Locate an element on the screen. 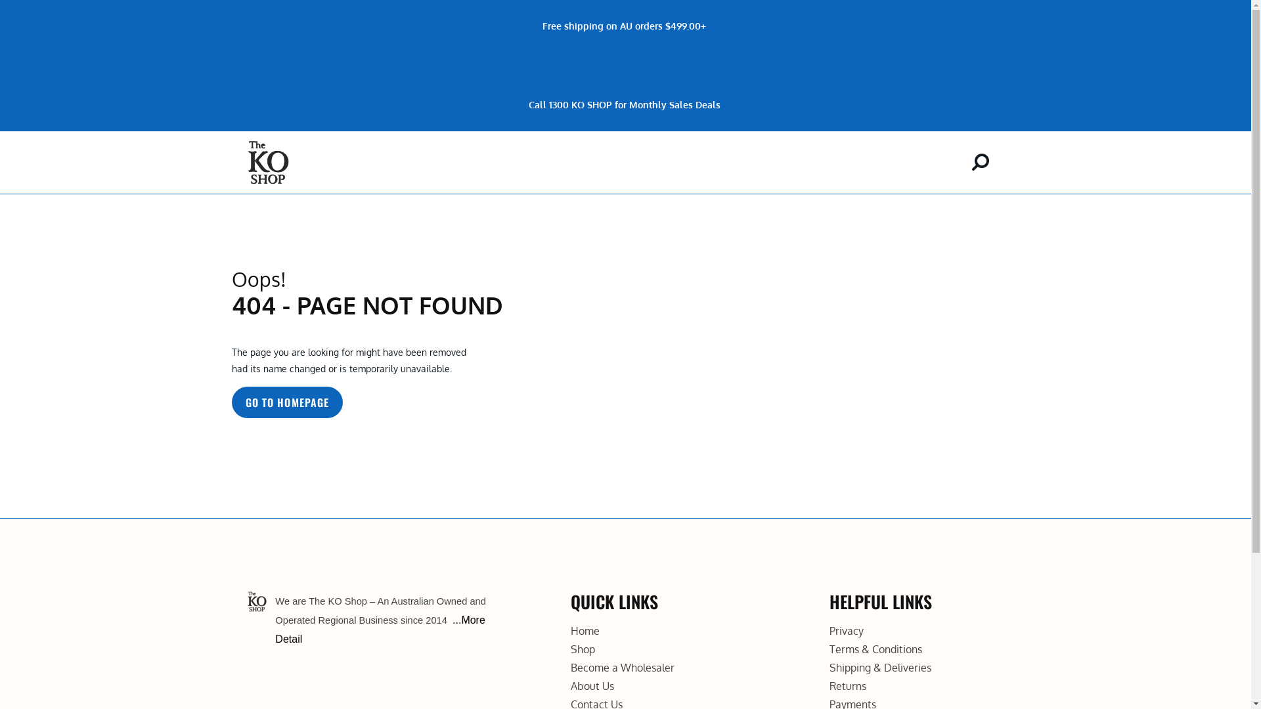 This screenshot has height=709, width=1261. 'About Us' is located at coordinates (592, 685).